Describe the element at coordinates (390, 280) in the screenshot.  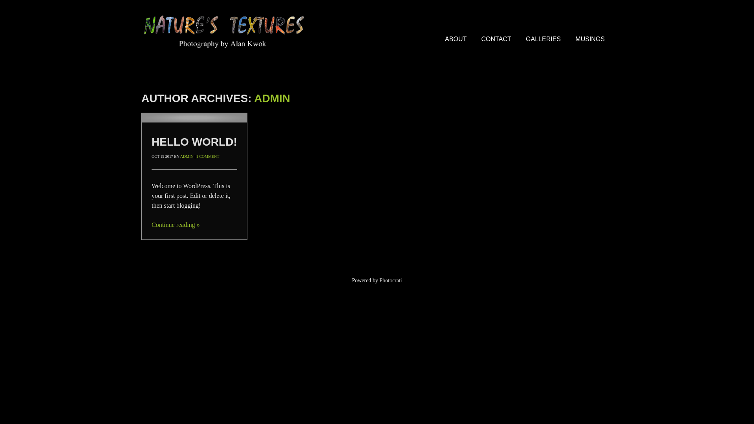
I see `'Photocrati'` at that location.